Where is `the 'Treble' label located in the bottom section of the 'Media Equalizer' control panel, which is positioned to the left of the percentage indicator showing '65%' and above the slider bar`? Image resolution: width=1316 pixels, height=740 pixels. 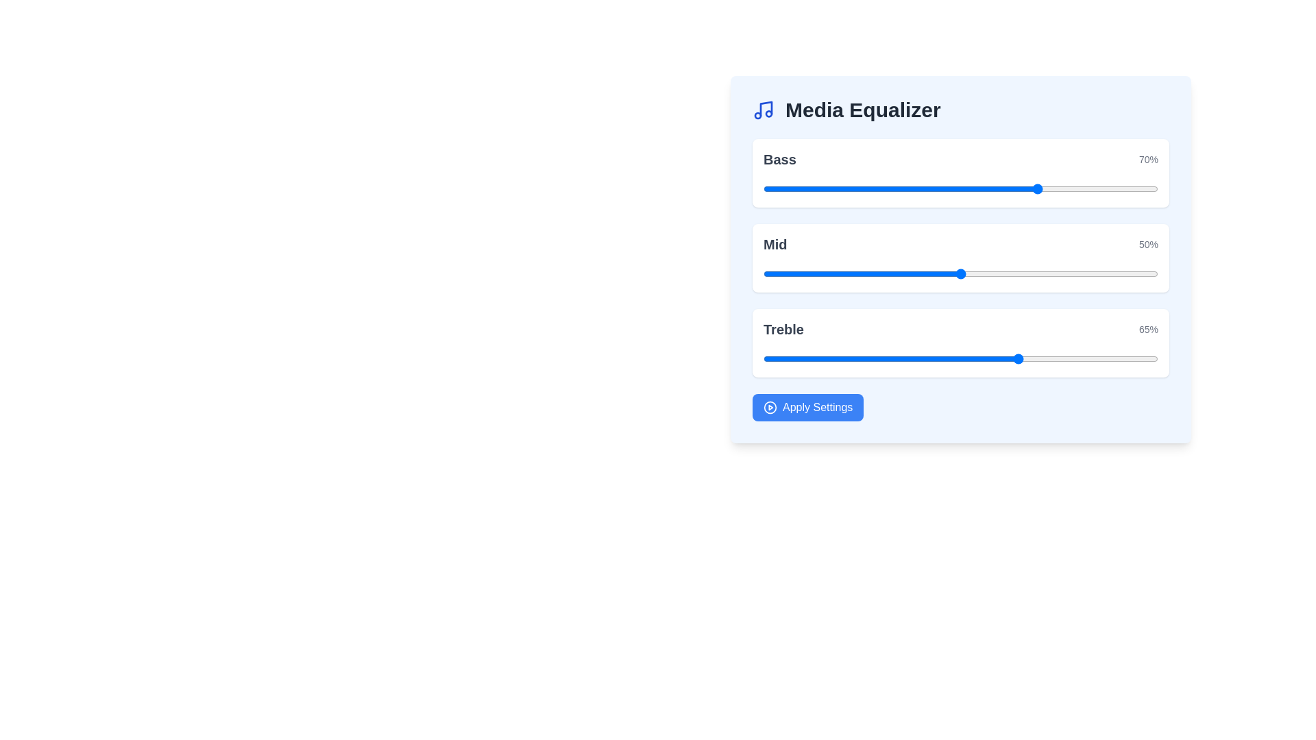
the 'Treble' label located in the bottom section of the 'Media Equalizer' control panel, which is positioned to the left of the percentage indicator showing '65%' and above the slider bar is located at coordinates (783, 330).